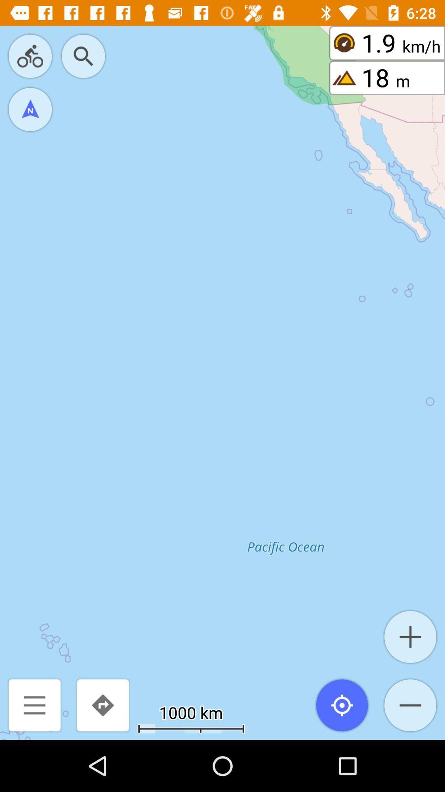 This screenshot has height=792, width=445. I want to click on the navigation icon, so click(30, 109).